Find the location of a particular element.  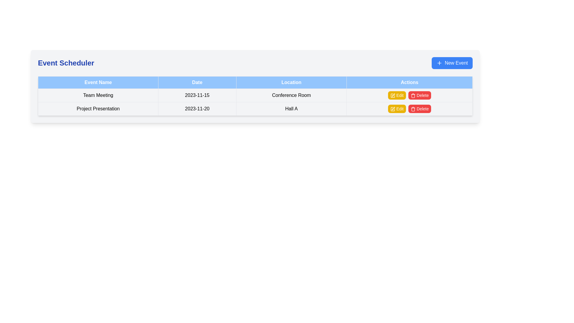

the central bin-body component of the trash bin icon located within the 'Delete' button in the 'Actions' column of the second table row for the event 'Project Presentation' is located at coordinates (413, 109).